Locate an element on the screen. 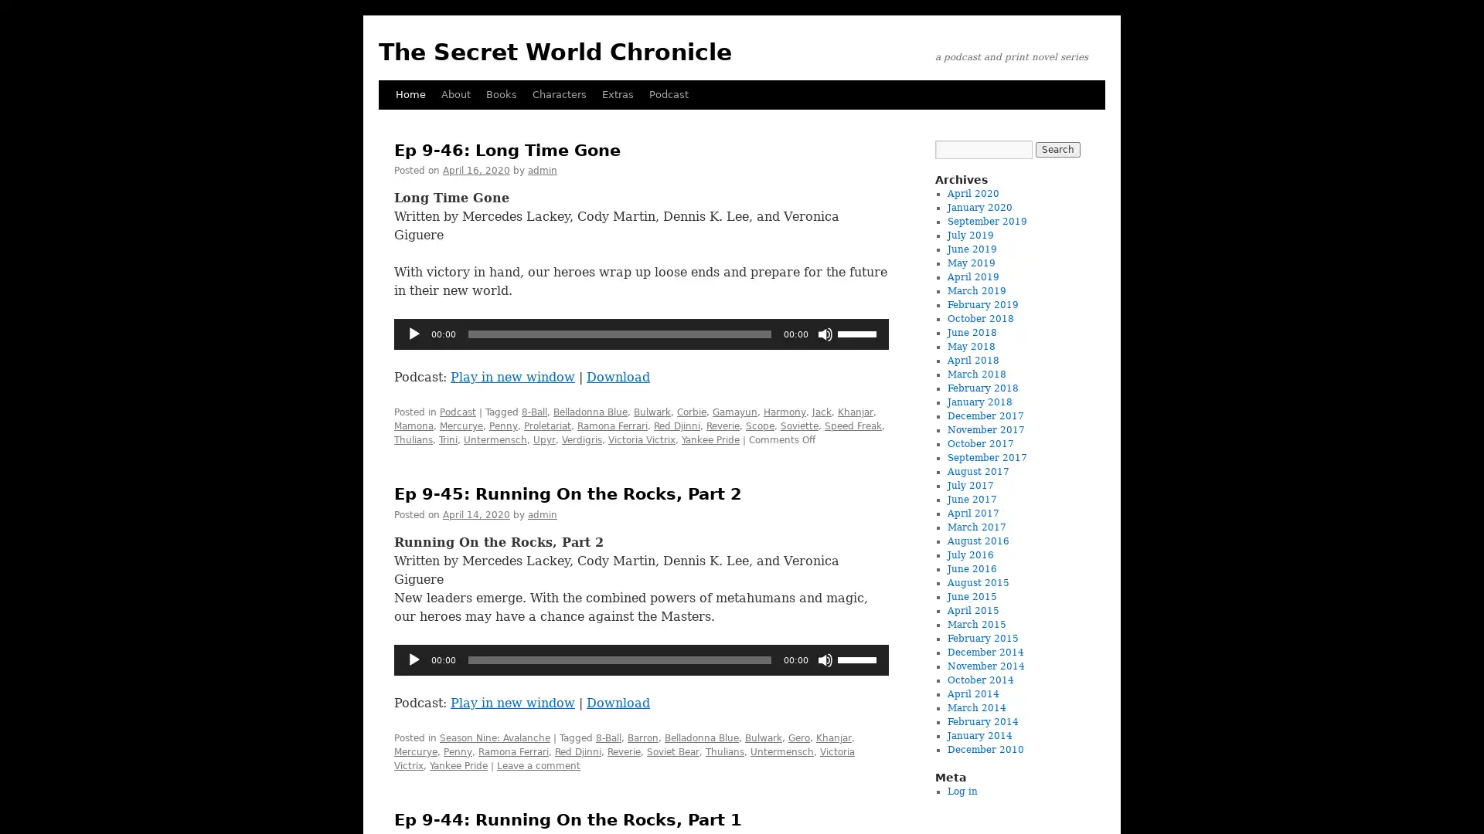 The image size is (1484, 834). Play is located at coordinates (414, 333).